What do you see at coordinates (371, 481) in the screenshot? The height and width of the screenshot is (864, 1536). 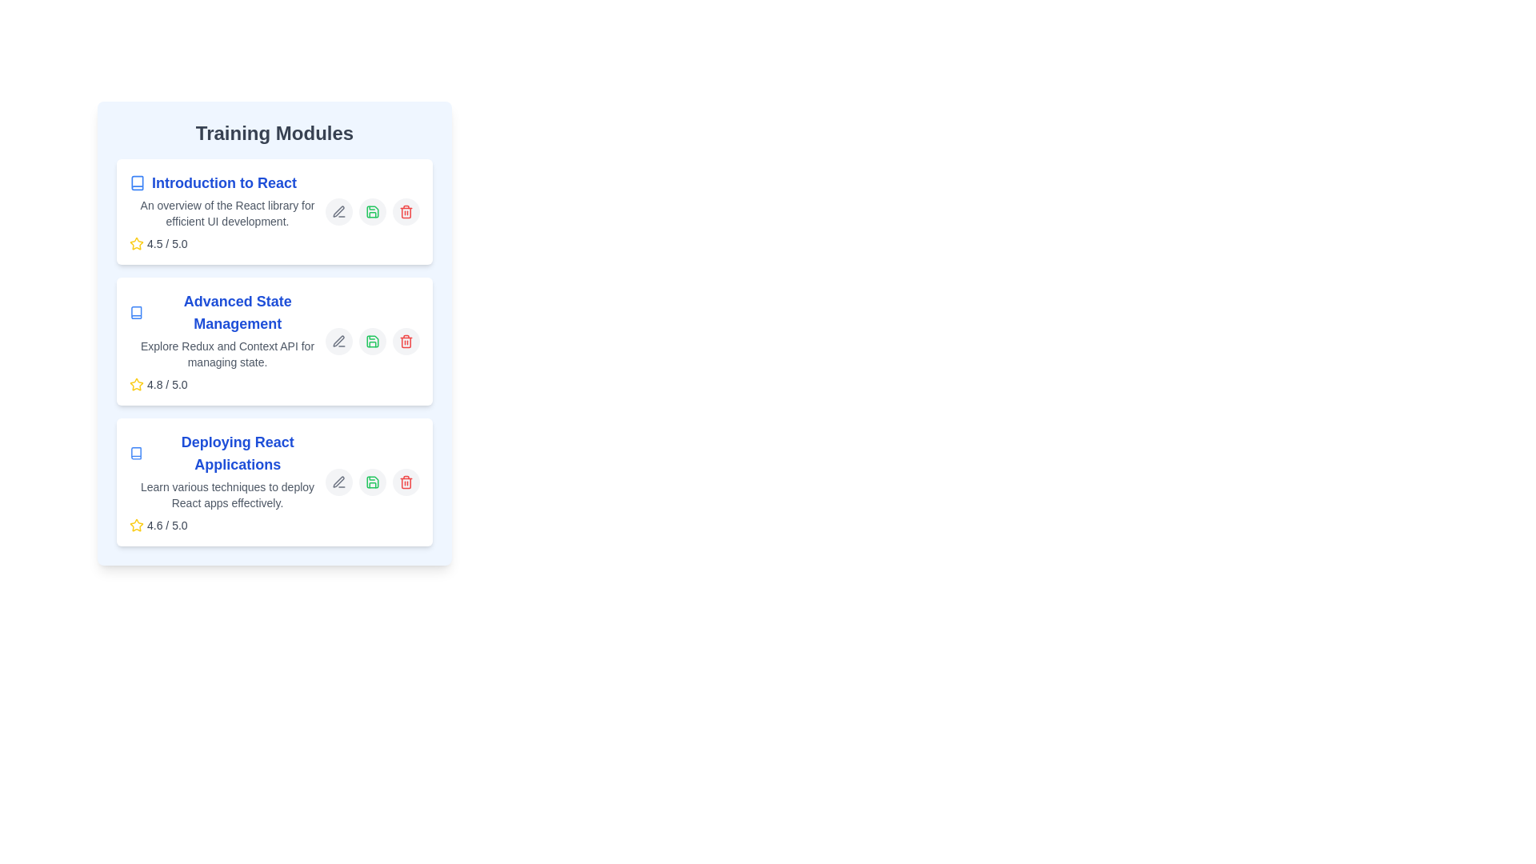 I see `the circular save button with a light gray background and a green save icon, located in the horizontal group of action buttons within the 'Deploying React Applications' training module card` at bounding box center [371, 481].